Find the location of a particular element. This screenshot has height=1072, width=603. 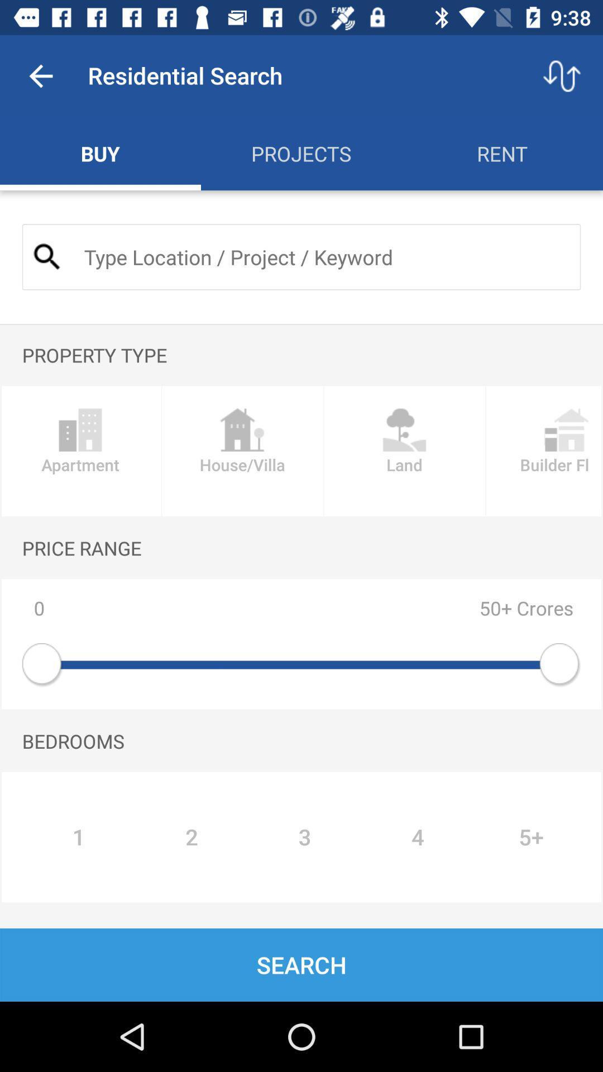

item below the property type icon is located at coordinates (242, 451).